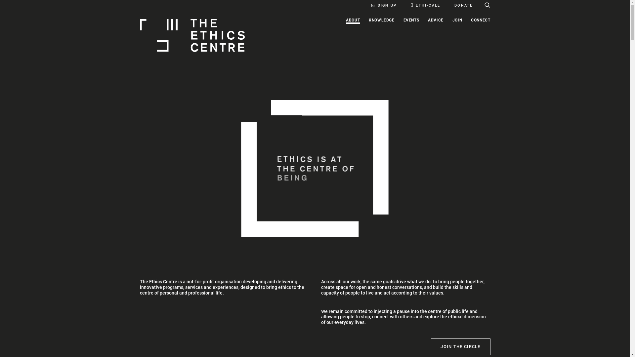 This screenshot has width=635, height=357. Describe the element at coordinates (436, 35) in the screenshot. I see `'ADVICE'` at that location.